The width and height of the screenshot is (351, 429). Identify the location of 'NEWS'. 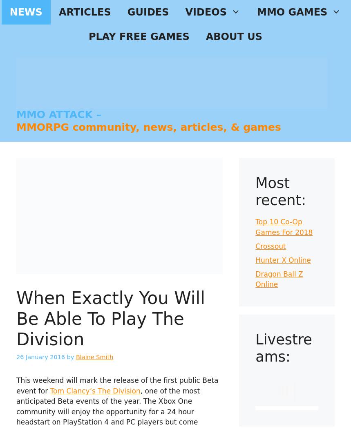
(25, 12).